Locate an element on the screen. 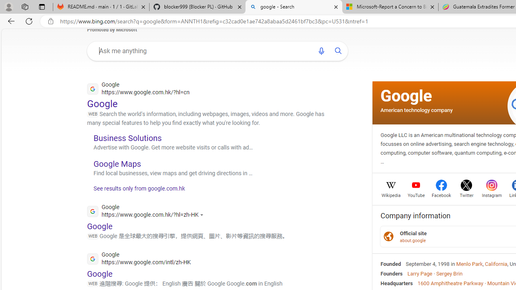 The image size is (516, 290). 'Microsoft-Report a Concern to Bing' is located at coordinates (390, 7).